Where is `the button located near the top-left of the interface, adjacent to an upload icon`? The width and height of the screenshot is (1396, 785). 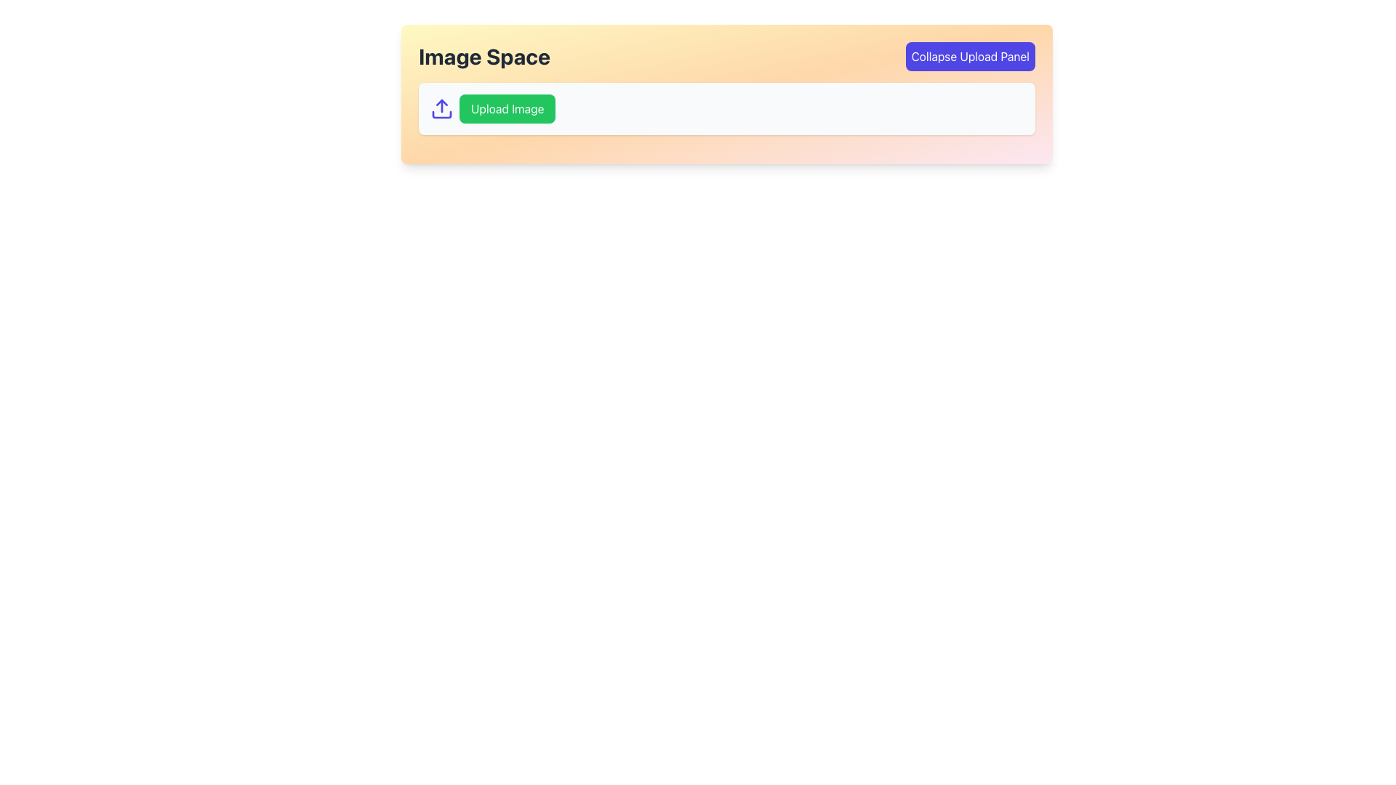 the button located near the top-left of the interface, adjacent to an upload icon is located at coordinates (507, 108).